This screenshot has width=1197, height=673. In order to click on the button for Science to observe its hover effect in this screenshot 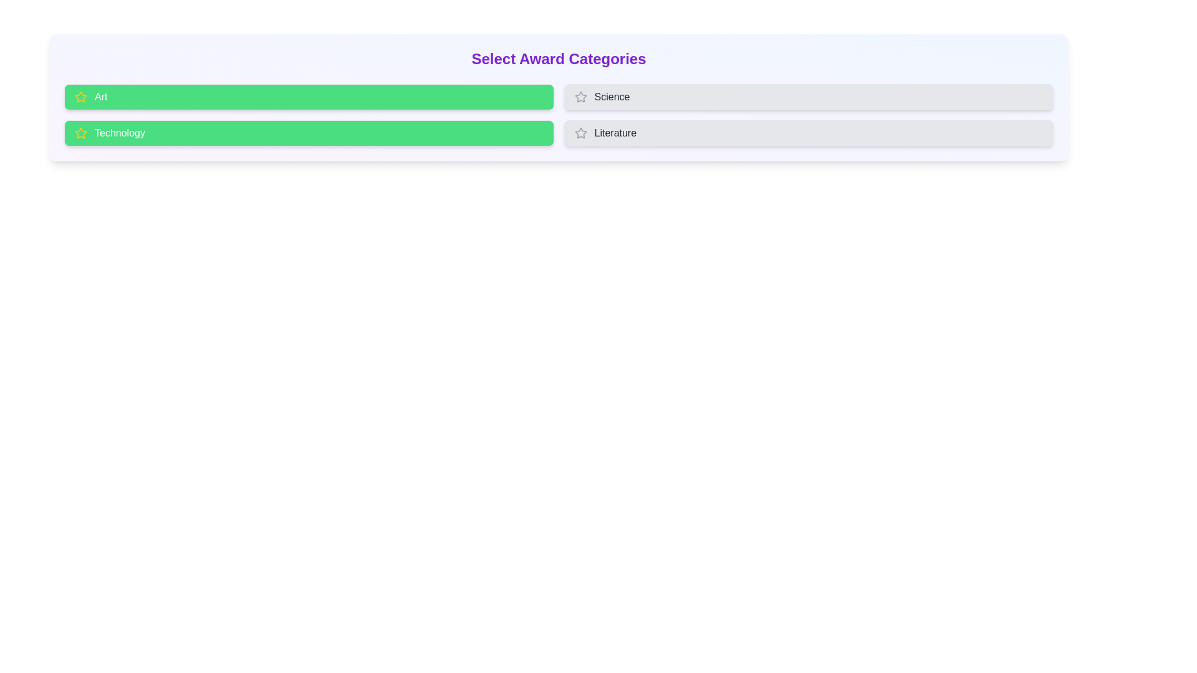, I will do `click(809, 96)`.